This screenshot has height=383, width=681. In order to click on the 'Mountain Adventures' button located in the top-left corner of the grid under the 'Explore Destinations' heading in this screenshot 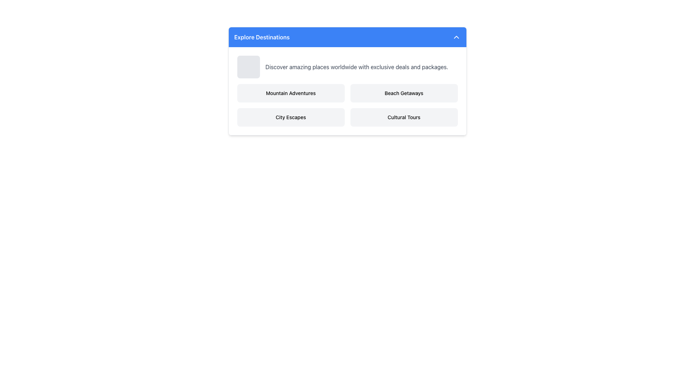, I will do `click(291, 93)`.